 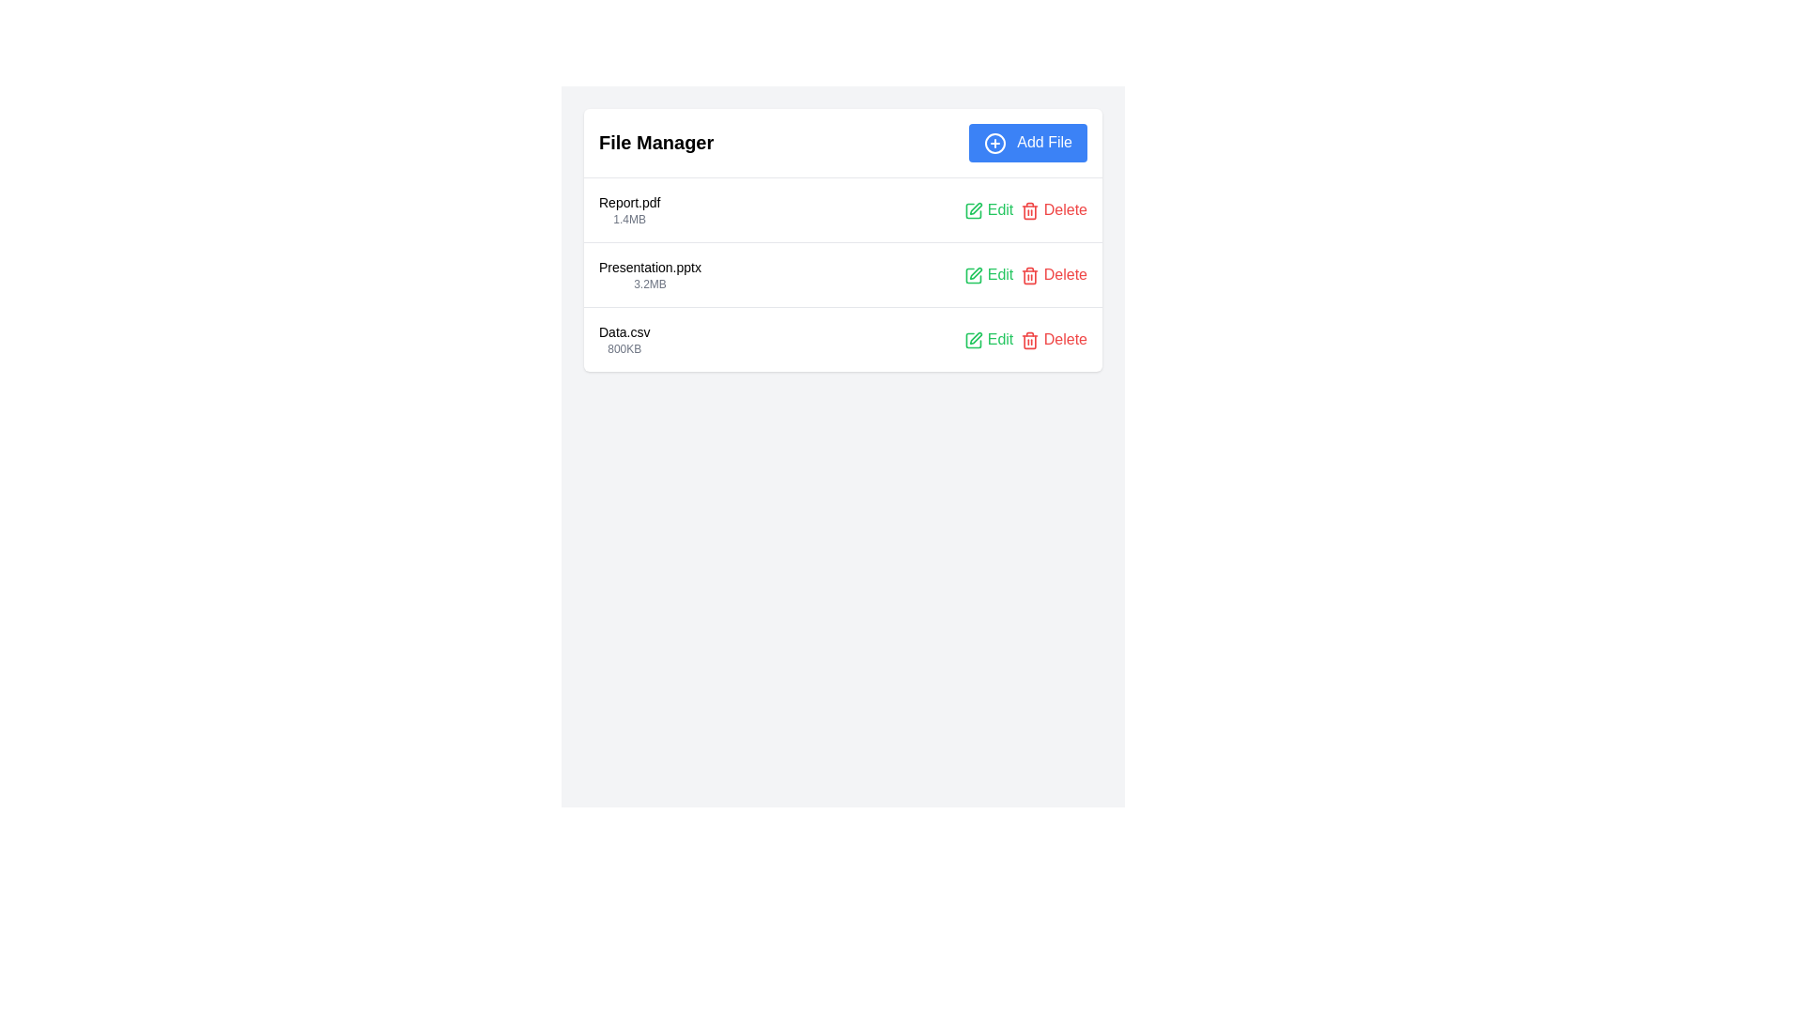 What do you see at coordinates (1054, 209) in the screenshot?
I see `the red 'Delete' button with a trash bin icon located next to the 'Edit' button in the file manager interface` at bounding box center [1054, 209].